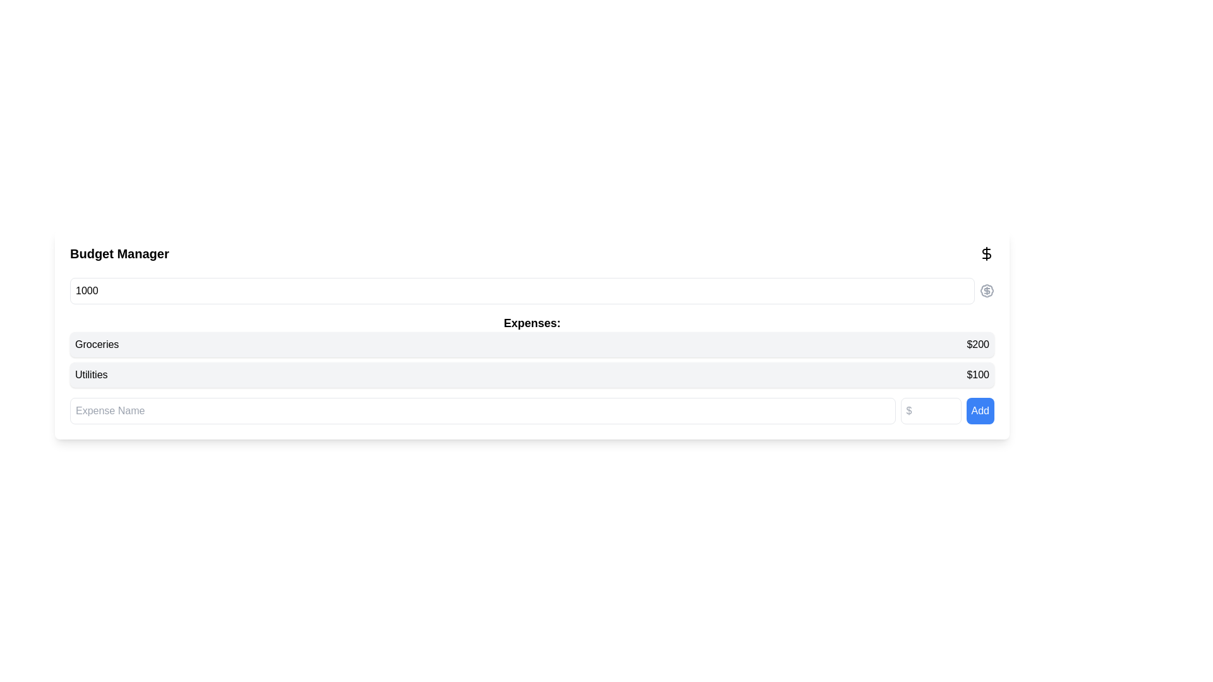 The image size is (1213, 682). What do you see at coordinates (119, 253) in the screenshot?
I see `the text label located in the header of the interface on the left side that serves as a descriptive heading for managing budgets` at bounding box center [119, 253].